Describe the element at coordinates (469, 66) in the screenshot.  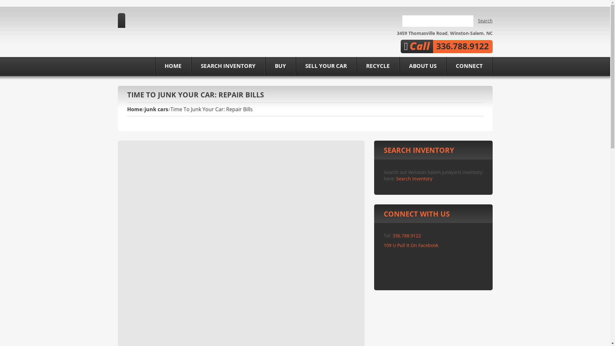
I see `'CONNECT'` at that location.